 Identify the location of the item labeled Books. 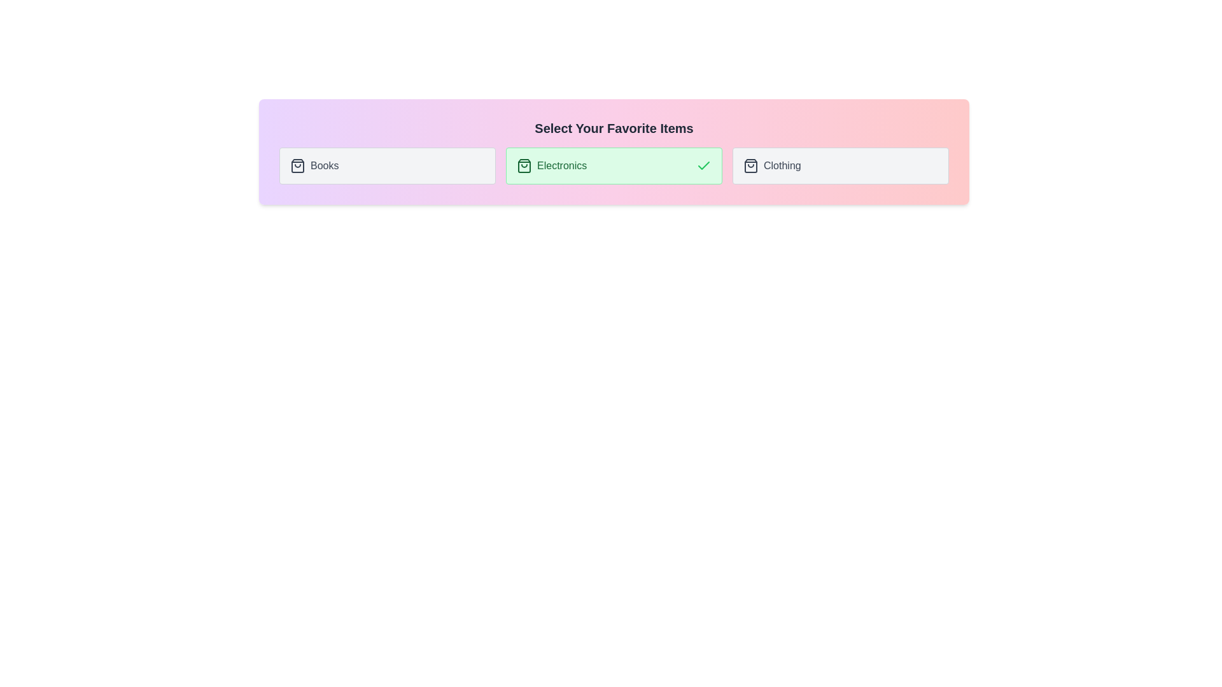
(387, 165).